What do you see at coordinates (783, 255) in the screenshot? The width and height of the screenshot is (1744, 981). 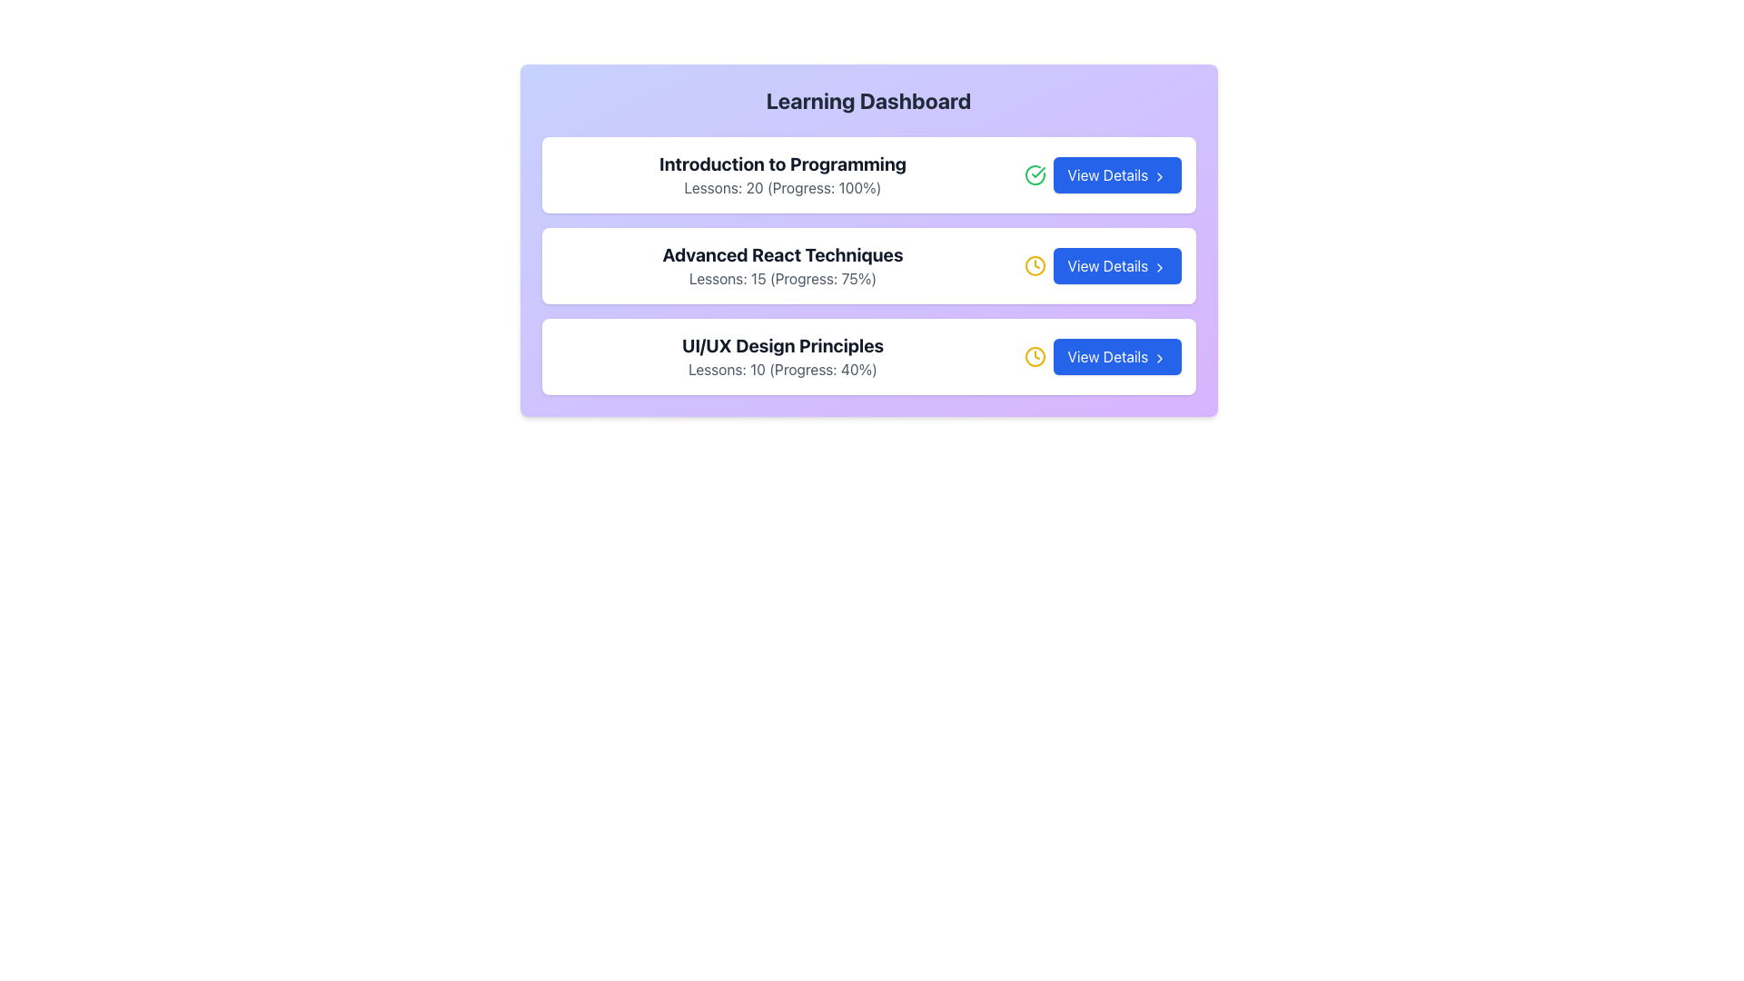 I see `the text label that identifies the course 'Advanced React Techniques', positioned centrally at the top of the second card in a vertically stacked list of courses` at bounding box center [783, 255].